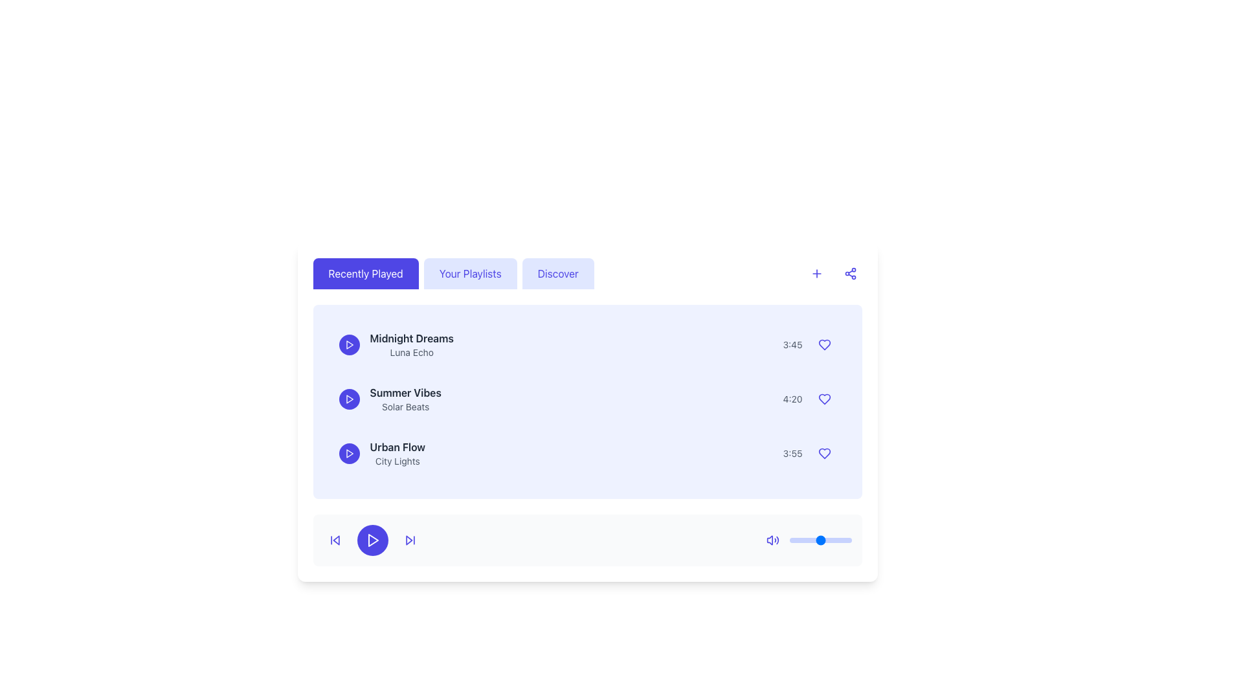 This screenshot has width=1243, height=699. Describe the element at coordinates (372, 540) in the screenshot. I see `the Play icon located at the bottom center of the interface` at that location.